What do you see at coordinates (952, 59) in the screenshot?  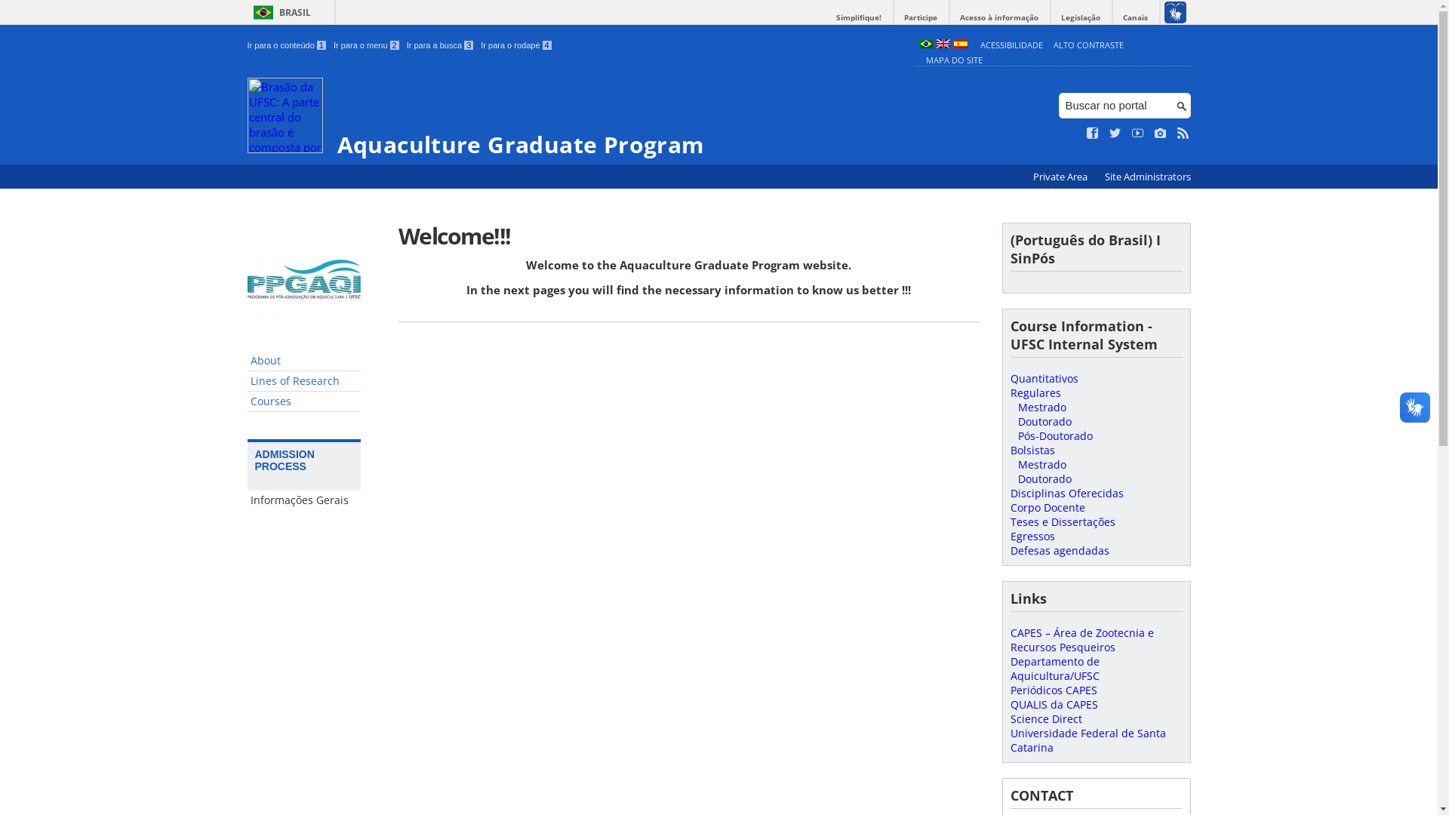 I see `'MAPA DO SITE'` at bounding box center [952, 59].